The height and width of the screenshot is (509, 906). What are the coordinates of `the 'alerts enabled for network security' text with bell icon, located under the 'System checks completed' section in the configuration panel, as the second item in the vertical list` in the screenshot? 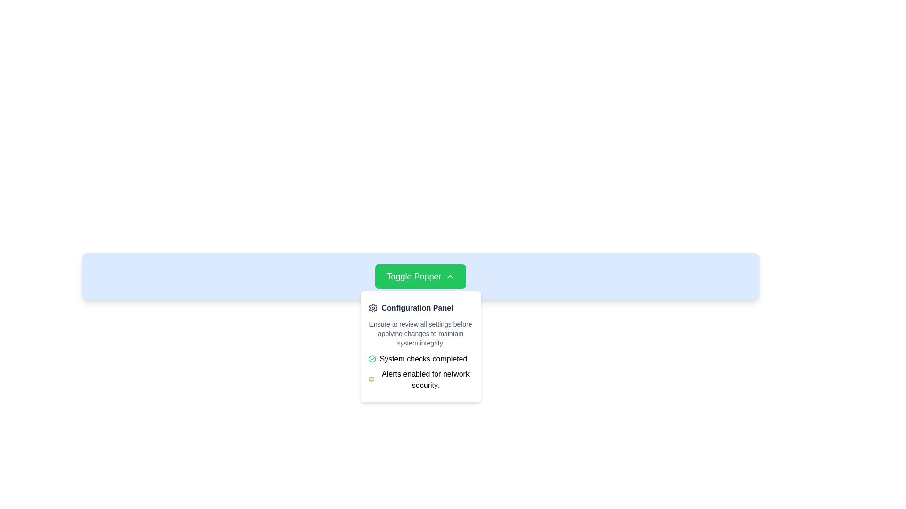 It's located at (420, 379).